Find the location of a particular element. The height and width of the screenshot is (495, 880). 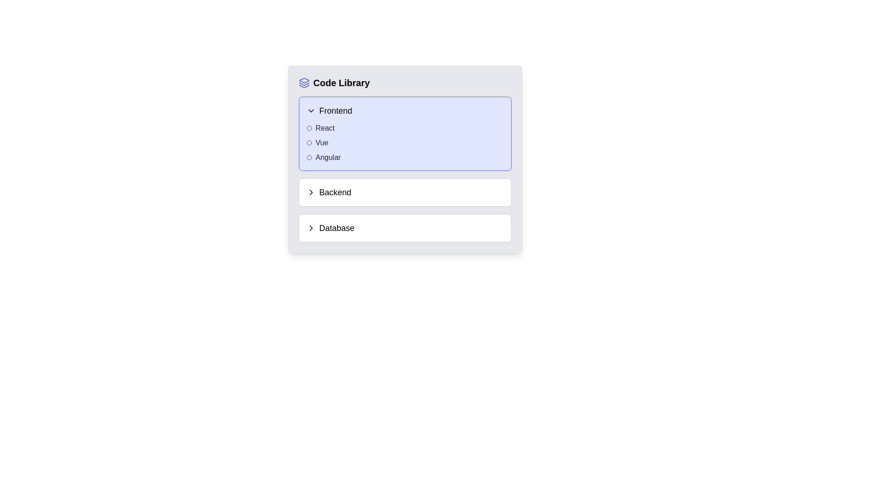

the circular marker for selection located to the left of the 'React' text in the 'Frontend' category is located at coordinates (309, 128).